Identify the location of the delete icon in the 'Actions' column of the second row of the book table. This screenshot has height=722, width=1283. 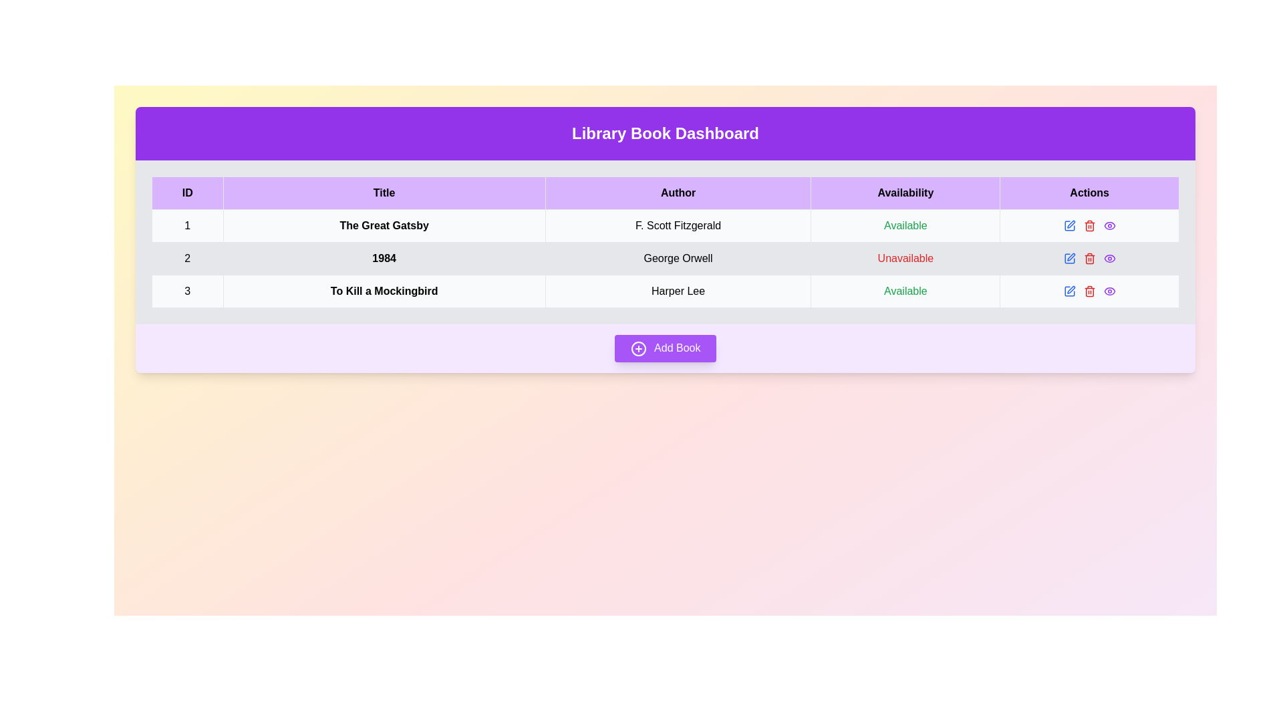
(1089, 258).